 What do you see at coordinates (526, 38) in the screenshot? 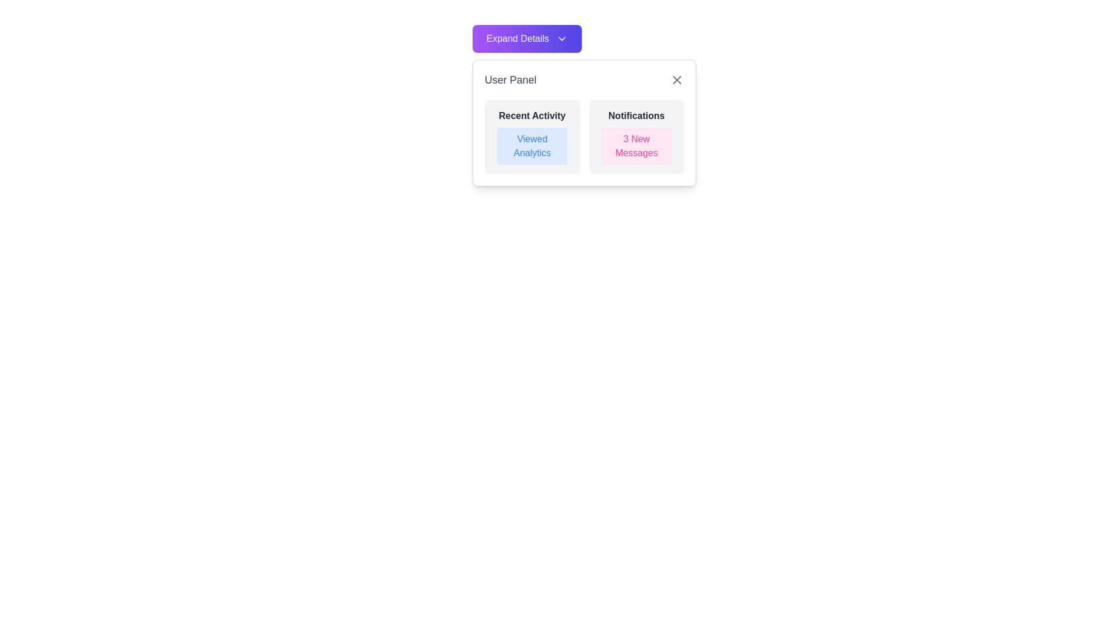
I see `the 'Expand Details' button with a gradient background and a downward-pointing chevron icon to change its color` at bounding box center [526, 38].